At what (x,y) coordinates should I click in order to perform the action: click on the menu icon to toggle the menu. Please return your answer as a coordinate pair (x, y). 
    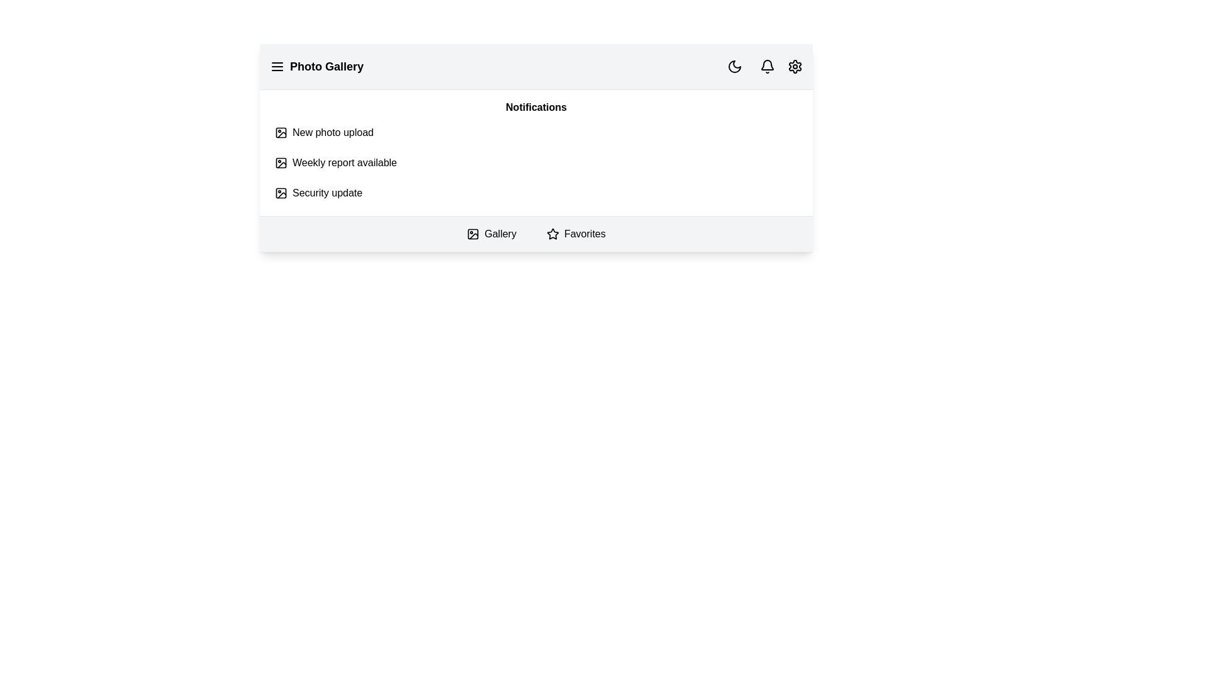
    Looking at the image, I should click on (277, 66).